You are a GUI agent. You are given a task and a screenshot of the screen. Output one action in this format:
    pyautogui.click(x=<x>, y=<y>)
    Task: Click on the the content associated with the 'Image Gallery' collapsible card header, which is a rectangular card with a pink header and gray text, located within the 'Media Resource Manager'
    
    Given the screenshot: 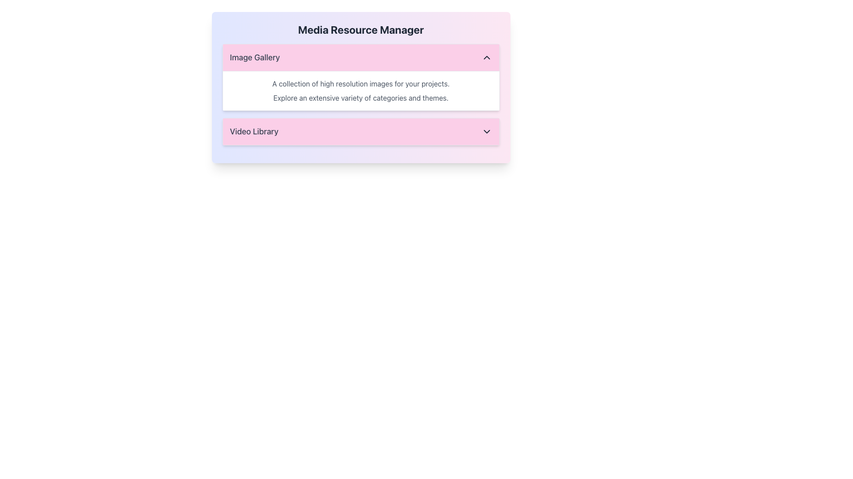 What is the action you would take?
    pyautogui.click(x=361, y=77)
    